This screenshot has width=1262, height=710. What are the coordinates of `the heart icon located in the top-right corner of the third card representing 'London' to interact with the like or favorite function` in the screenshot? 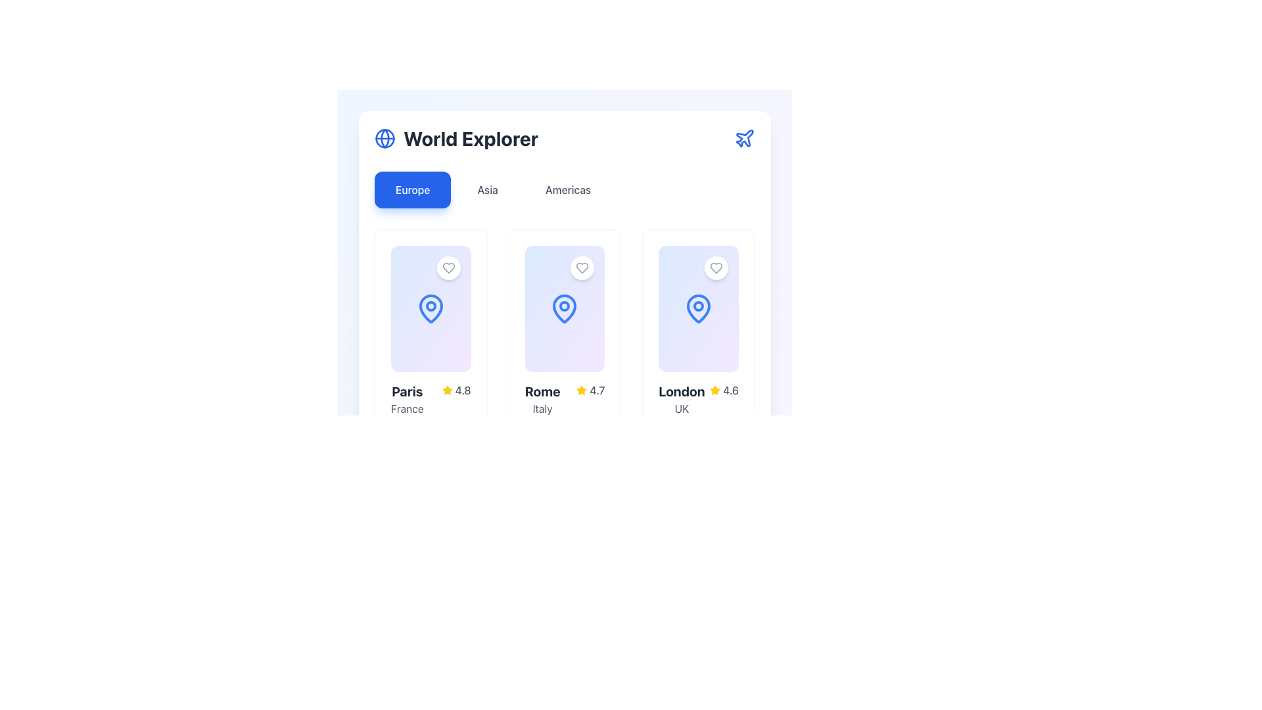 It's located at (715, 268).